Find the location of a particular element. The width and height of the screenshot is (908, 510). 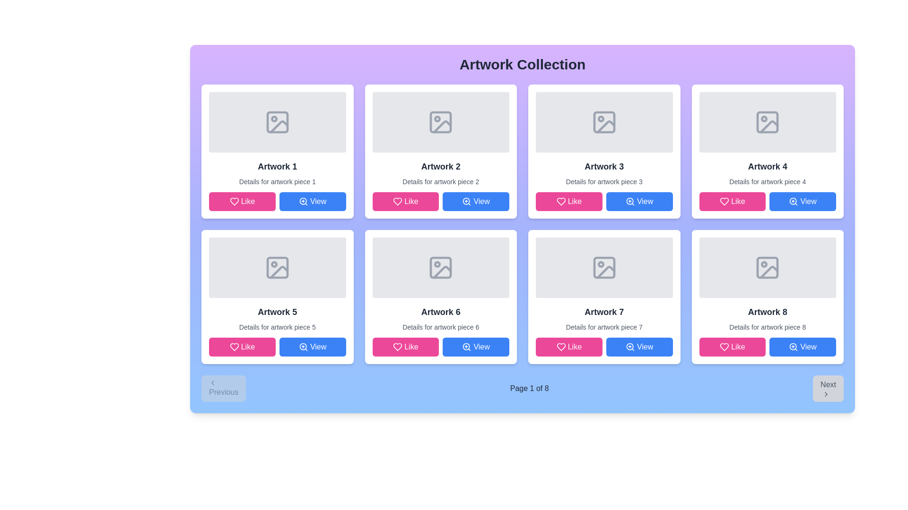

the image placeholder icon located at the center of the image area in the first card labeled 'Artwork 1' in the top-left corner of the grid layout is located at coordinates (277, 121).